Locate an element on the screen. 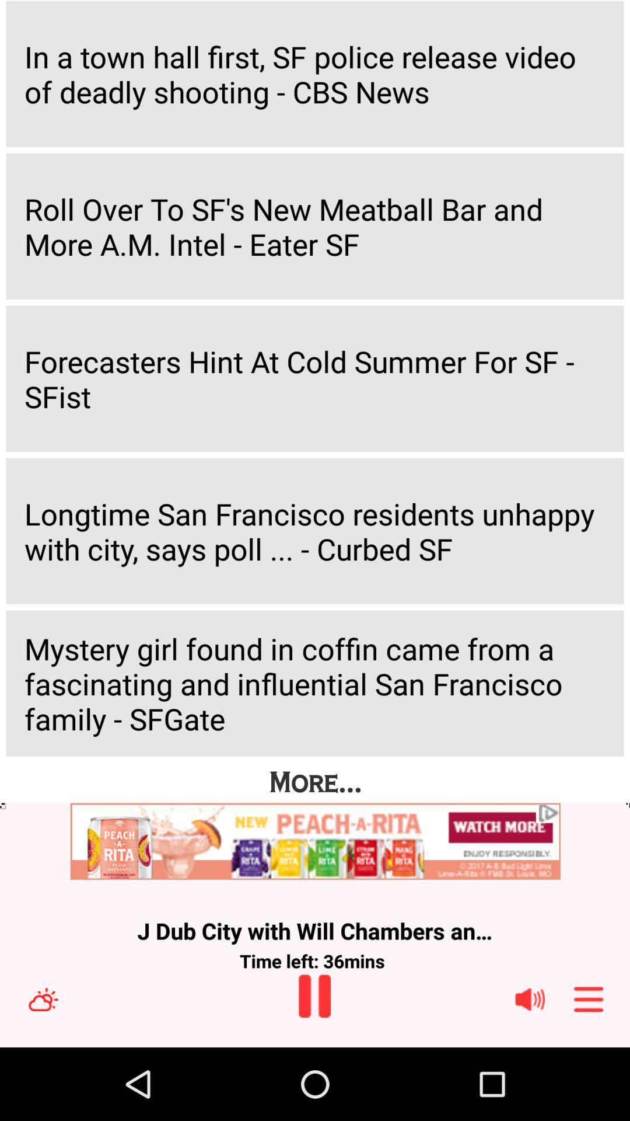 Image resolution: width=630 pixels, height=1121 pixels. the menu icon is located at coordinates (589, 1070).